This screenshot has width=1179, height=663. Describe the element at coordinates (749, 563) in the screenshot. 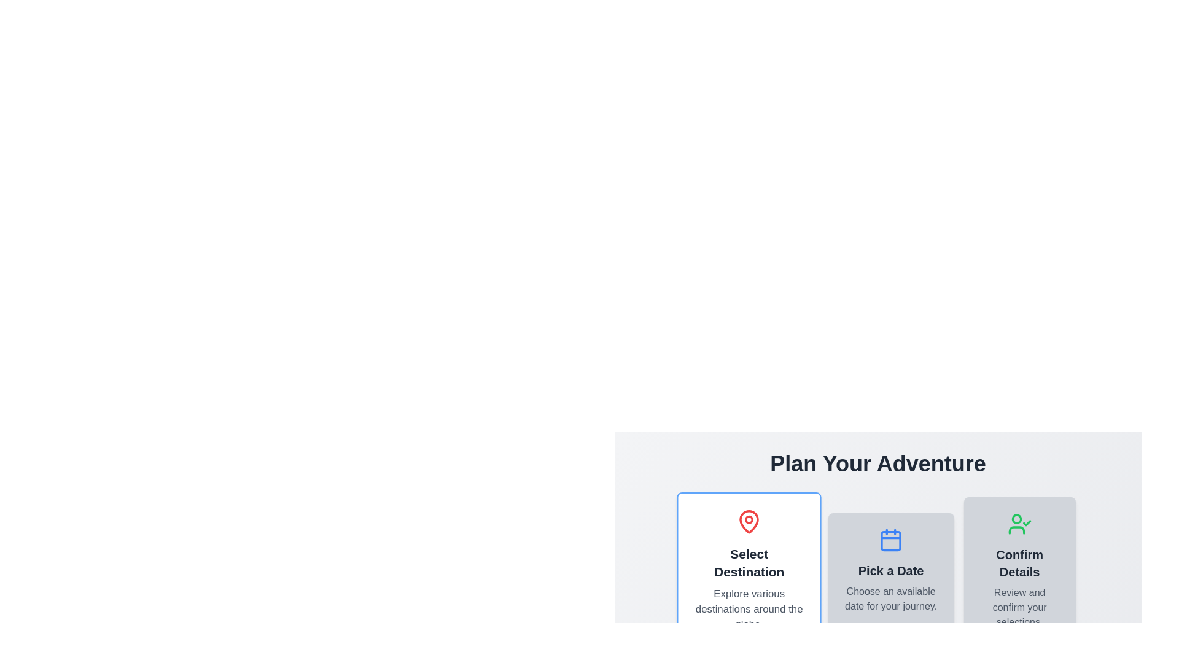

I see `the text element displaying 'Select Destination', which is a bold, larger font styled in grayish-black, located beneath a map pin icon` at that location.